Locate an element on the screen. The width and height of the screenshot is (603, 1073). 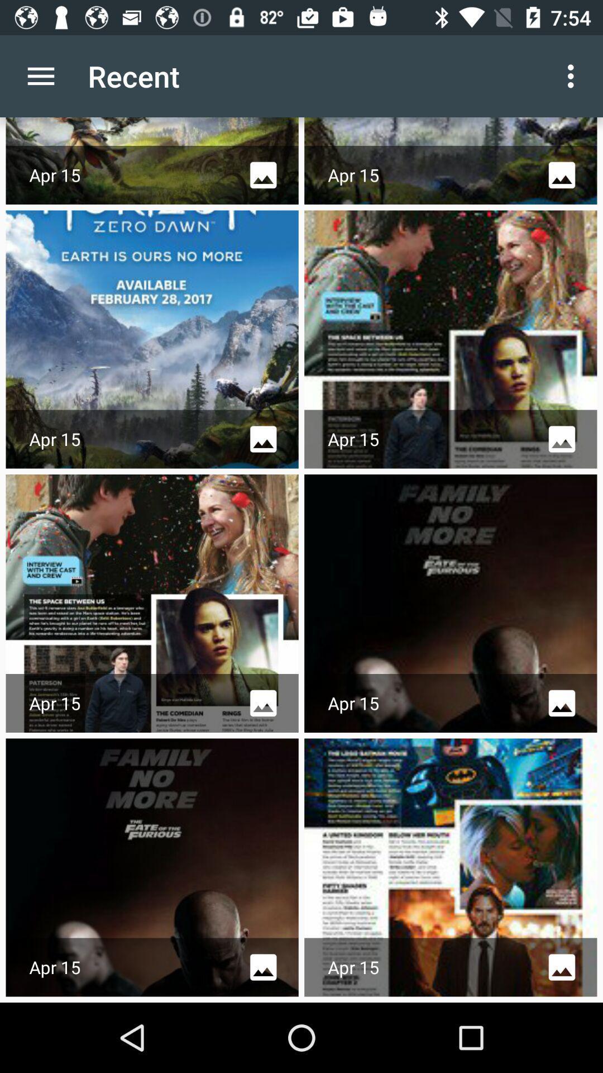
app to the left of the recent app is located at coordinates (40, 75).